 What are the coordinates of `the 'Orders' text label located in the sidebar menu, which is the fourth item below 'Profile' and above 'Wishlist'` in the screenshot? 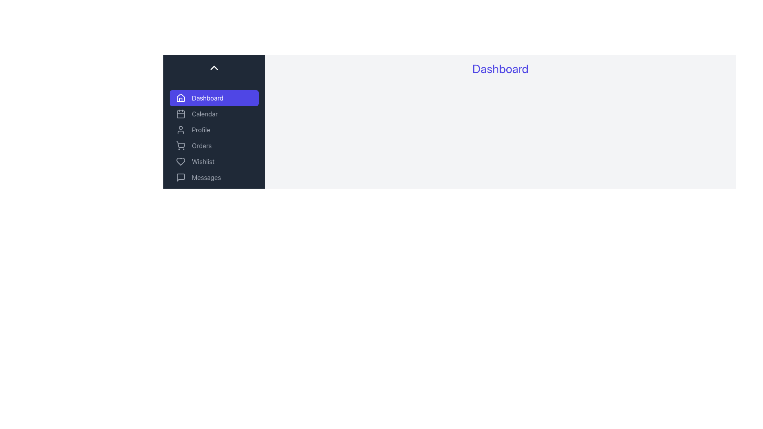 It's located at (201, 145).